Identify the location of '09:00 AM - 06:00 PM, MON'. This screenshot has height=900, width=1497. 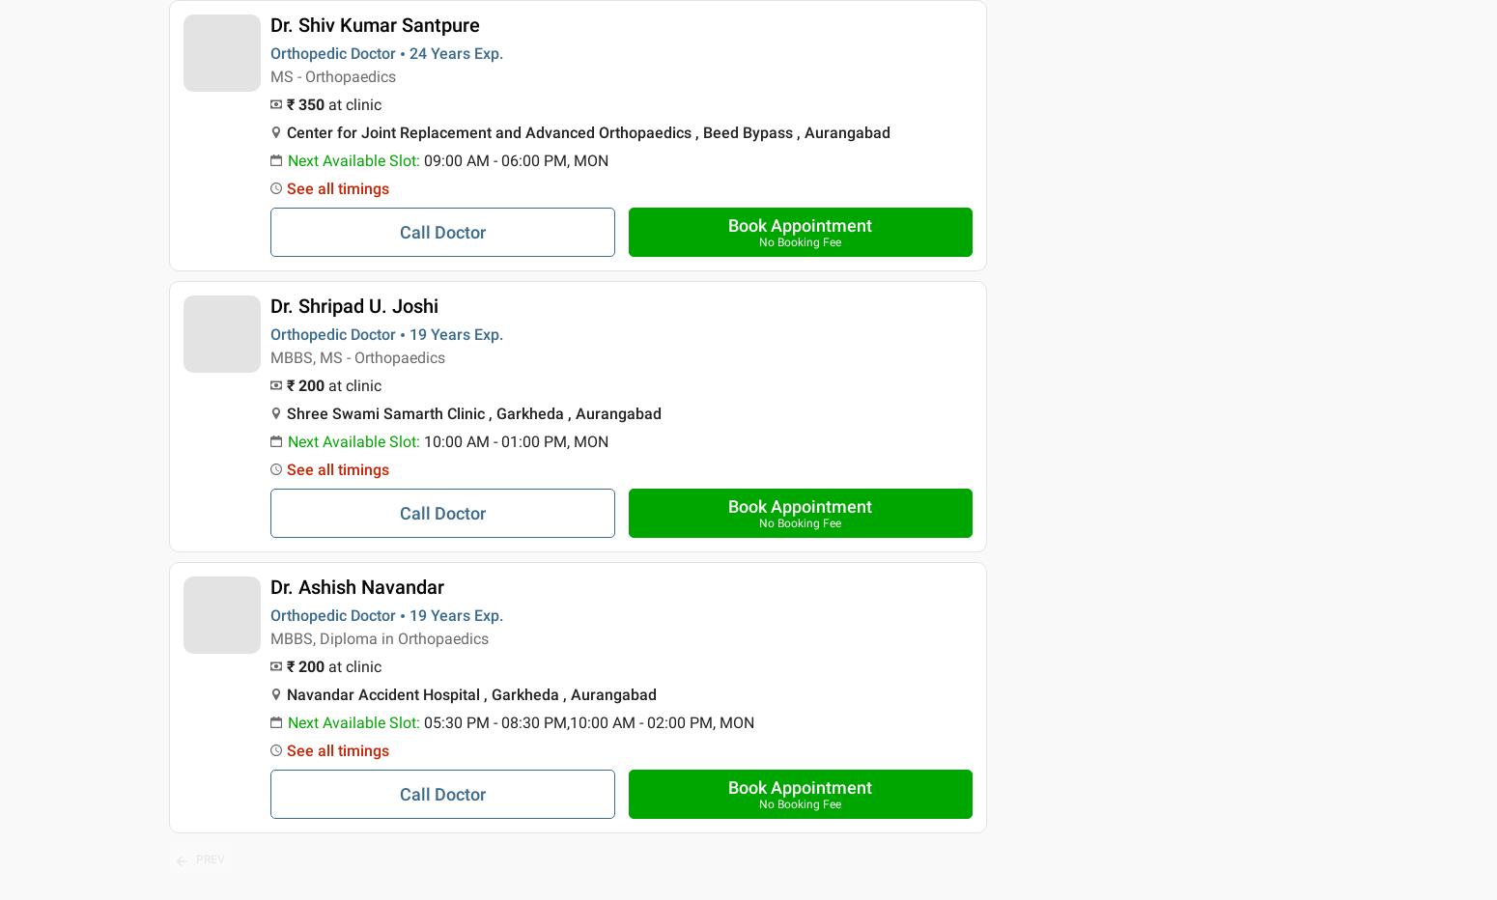
(515, 159).